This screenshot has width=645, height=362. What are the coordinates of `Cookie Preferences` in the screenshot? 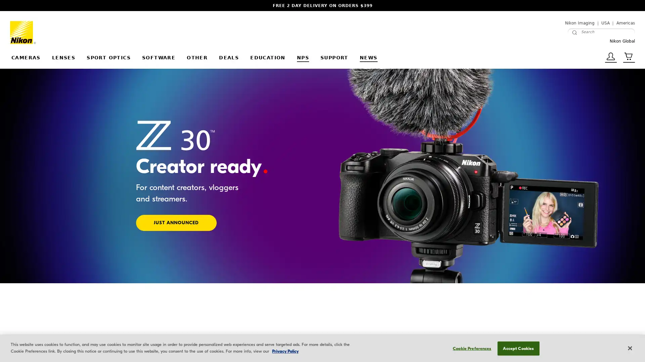 It's located at (470, 348).